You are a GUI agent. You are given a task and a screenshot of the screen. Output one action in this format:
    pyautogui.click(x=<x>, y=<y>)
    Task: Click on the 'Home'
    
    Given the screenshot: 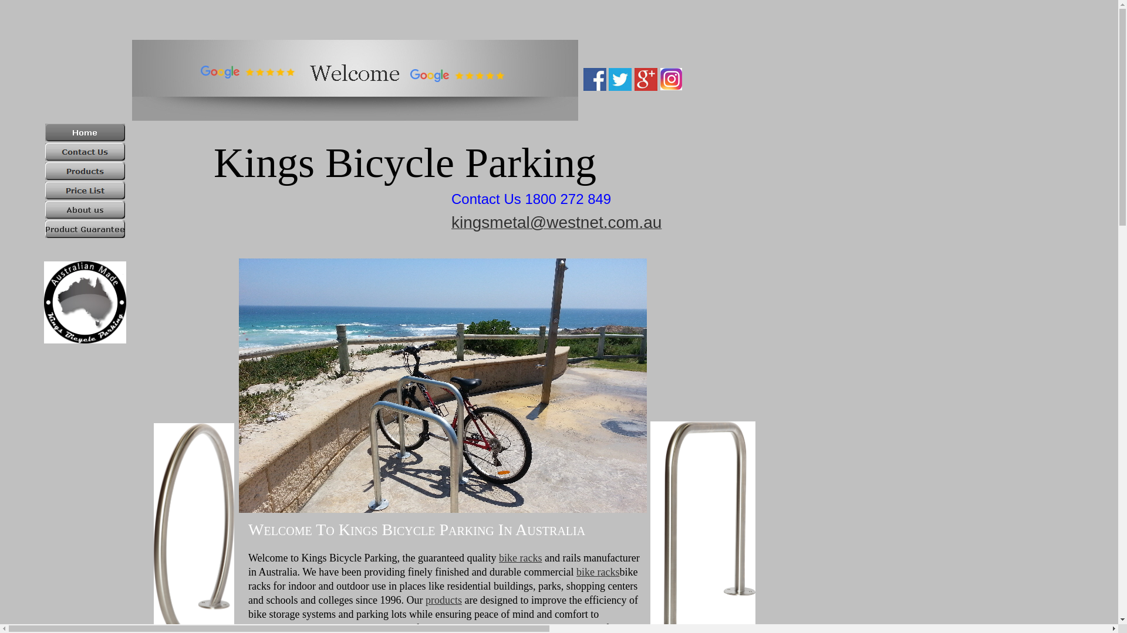 What is the action you would take?
    pyautogui.click(x=84, y=132)
    